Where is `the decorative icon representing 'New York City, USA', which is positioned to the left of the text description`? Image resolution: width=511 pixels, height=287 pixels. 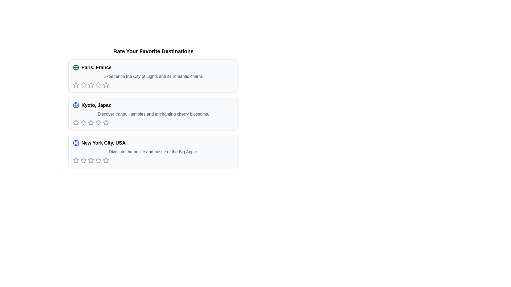 the decorative icon representing 'New York City, USA', which is positioned to the left of the text description is located at coordinates (76, 142).